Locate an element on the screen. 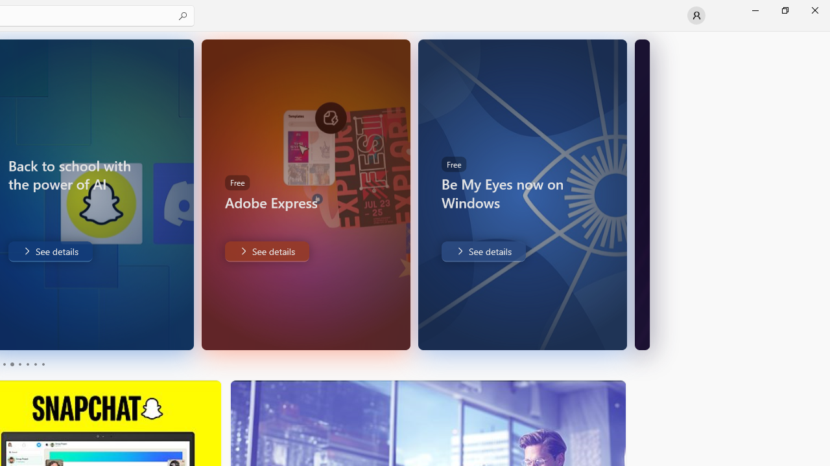 This screenshot has width=830, height=466. 'Page 4' is located at coordinates (27, 364).